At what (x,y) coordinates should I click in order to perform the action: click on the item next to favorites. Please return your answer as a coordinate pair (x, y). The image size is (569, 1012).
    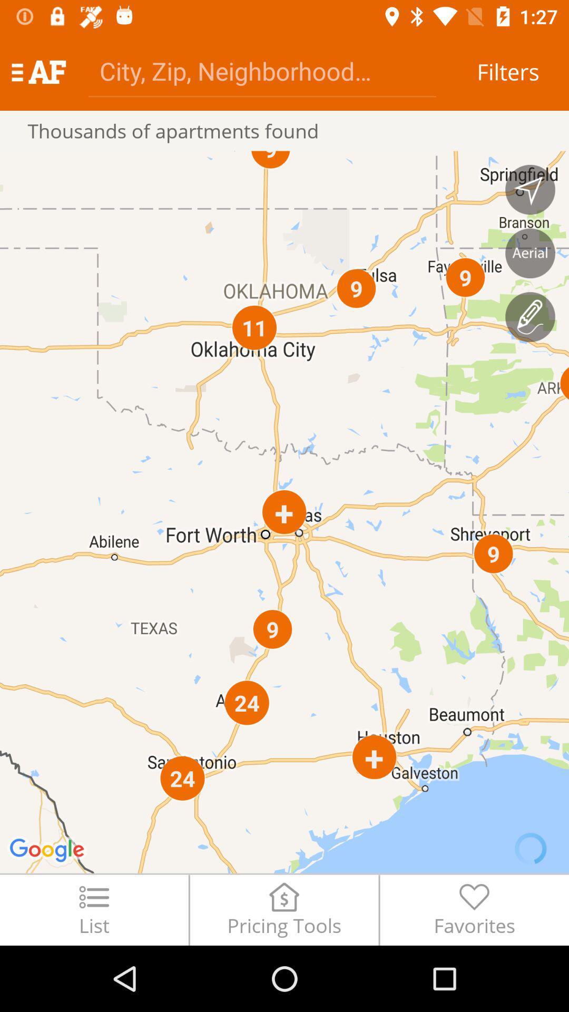
    Looking at the image, I should click on (283, 909).